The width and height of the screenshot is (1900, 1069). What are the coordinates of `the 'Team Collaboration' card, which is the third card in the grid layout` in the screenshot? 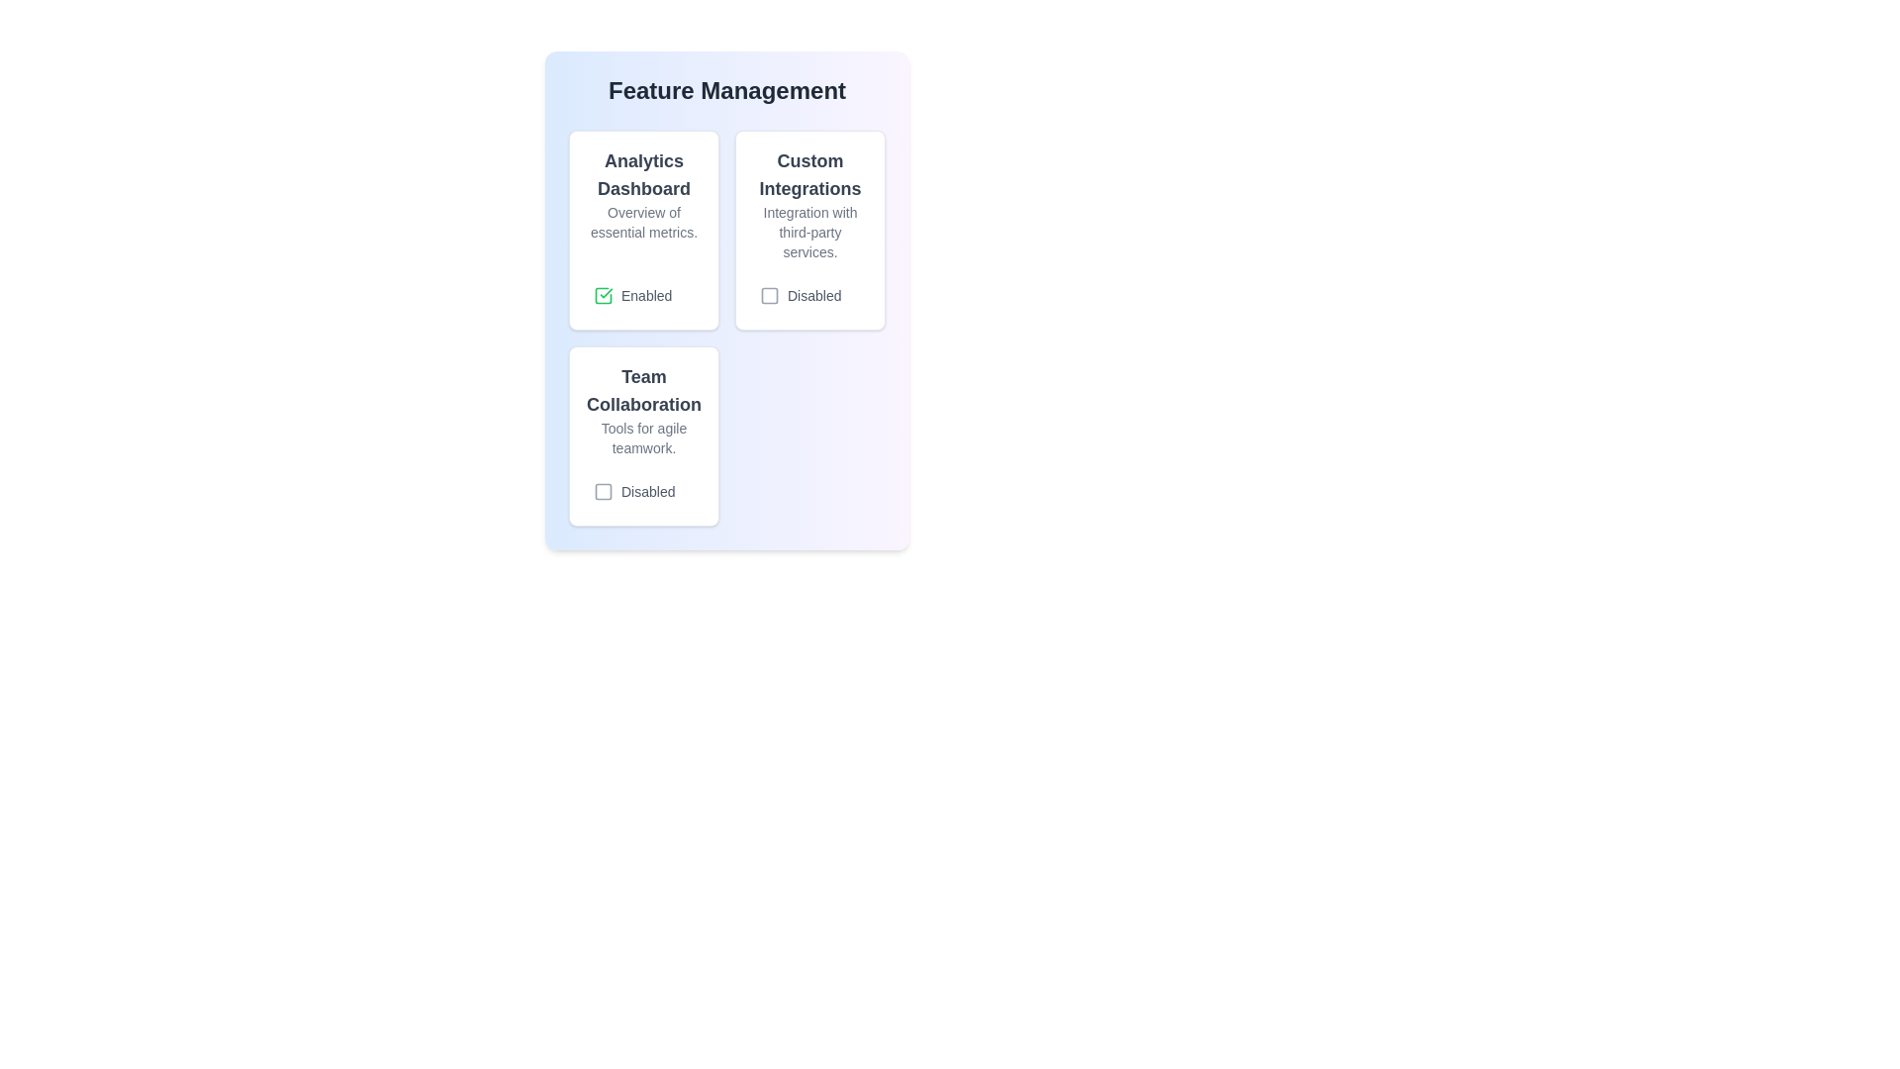 It's located at (644, 435).